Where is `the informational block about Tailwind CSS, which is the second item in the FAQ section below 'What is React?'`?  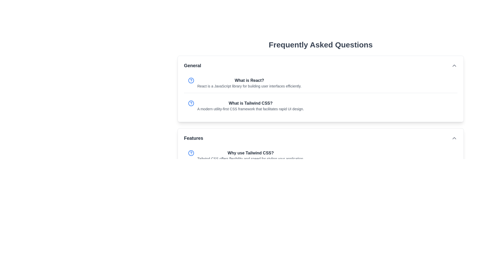 the informational block about Tailwind CSS, which is the second item in the FAQ section below 'What is React?' is located at coordinates (320, 105).